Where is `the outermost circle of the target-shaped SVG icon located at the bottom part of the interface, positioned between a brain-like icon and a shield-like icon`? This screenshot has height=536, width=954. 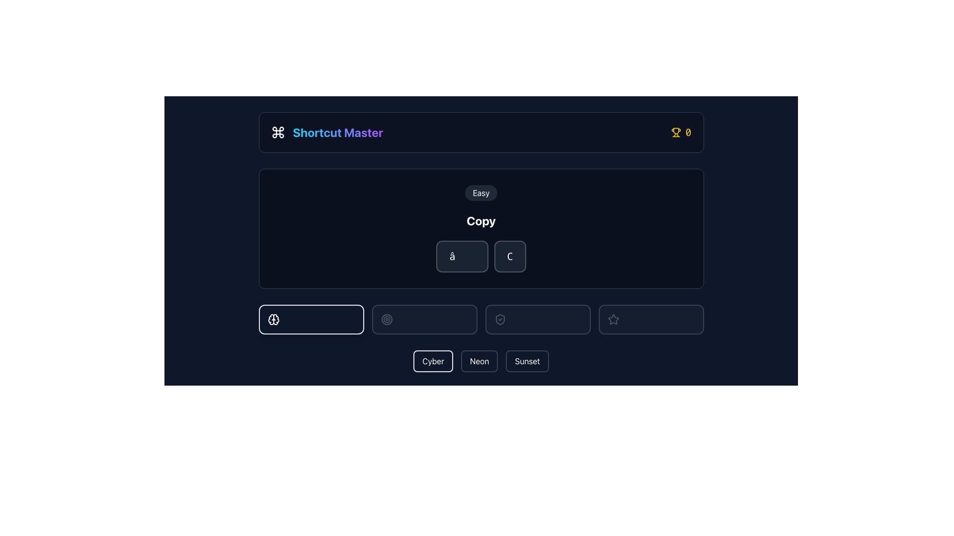
the outermost circle of the target-shaped SVG icon located at the bottom part of the interface, positioned between a brain-like icon and a shield-like icon is located at coordinates (386, 320).